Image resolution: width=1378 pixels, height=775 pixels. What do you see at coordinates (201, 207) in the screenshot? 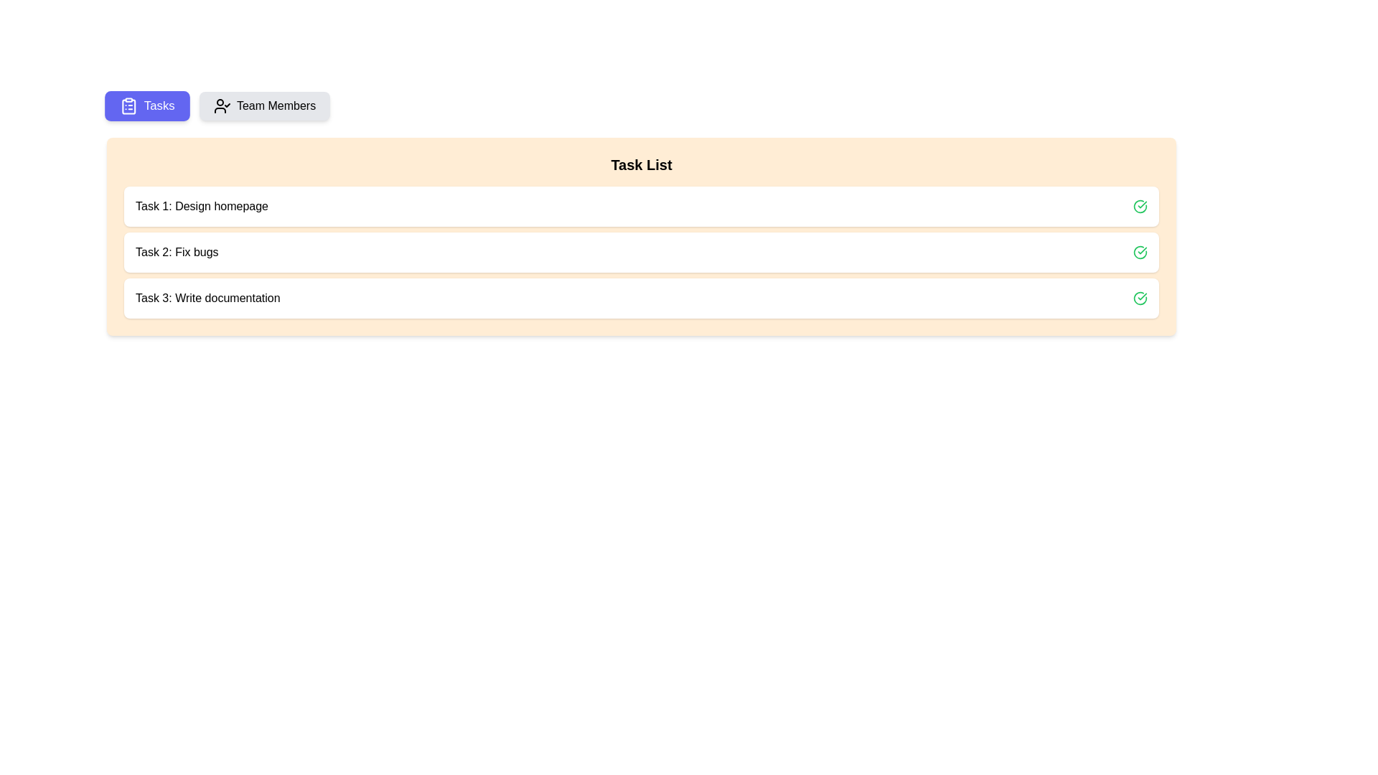
I see `the text label displaying the title of the first task in the task management interface, located at the upper section of the first task card` at bounding box center [201, 207].